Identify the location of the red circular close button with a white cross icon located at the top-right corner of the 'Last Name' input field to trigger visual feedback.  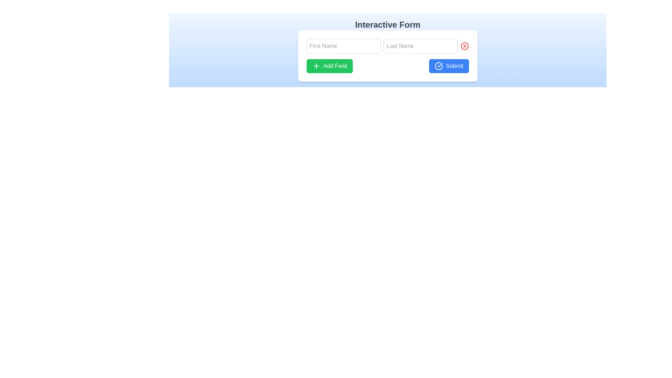
(465, 46).